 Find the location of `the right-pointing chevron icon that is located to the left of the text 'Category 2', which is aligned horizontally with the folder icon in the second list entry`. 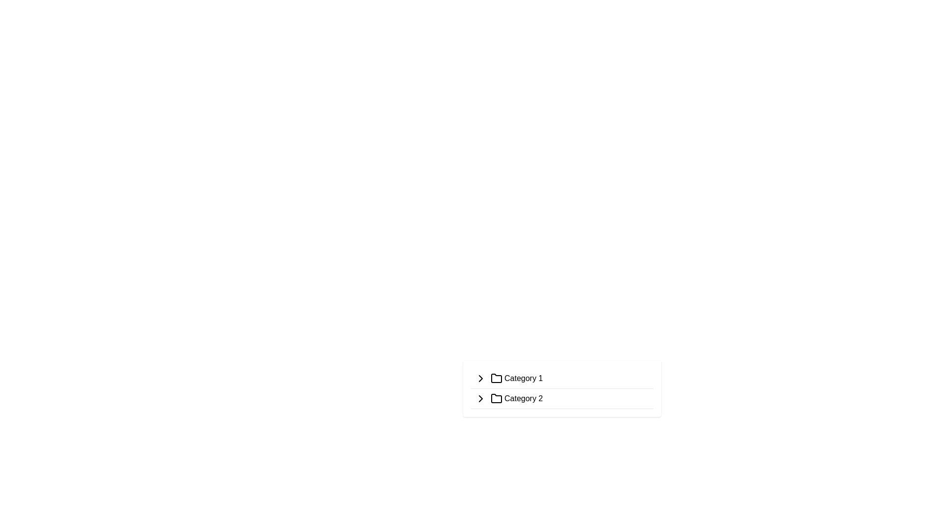

the right-pointing chevron icon that is located to the left of the text 'Category 2', which is aligned horizontally with the folder icon in the second list entry is located at coordinates (481, 398).